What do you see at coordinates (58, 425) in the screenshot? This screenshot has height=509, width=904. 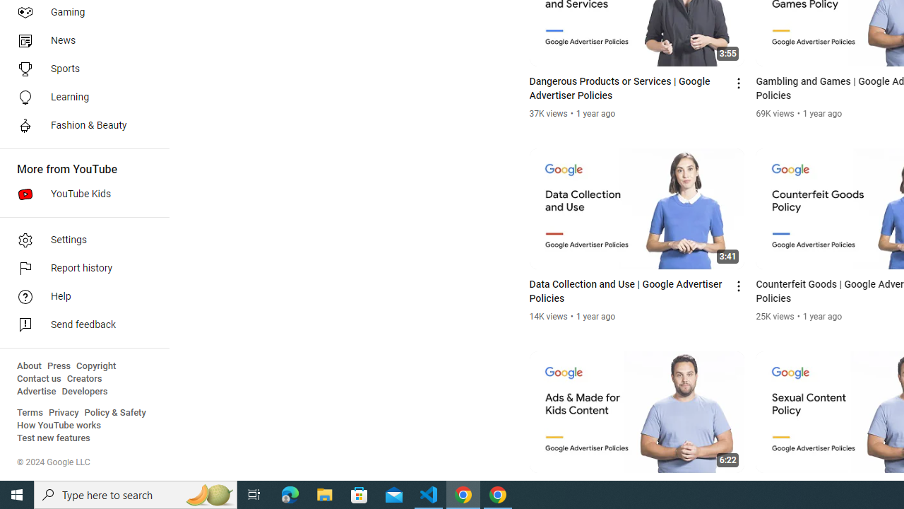 I see `'How YouTube works'` at bounding box center [58, 425].